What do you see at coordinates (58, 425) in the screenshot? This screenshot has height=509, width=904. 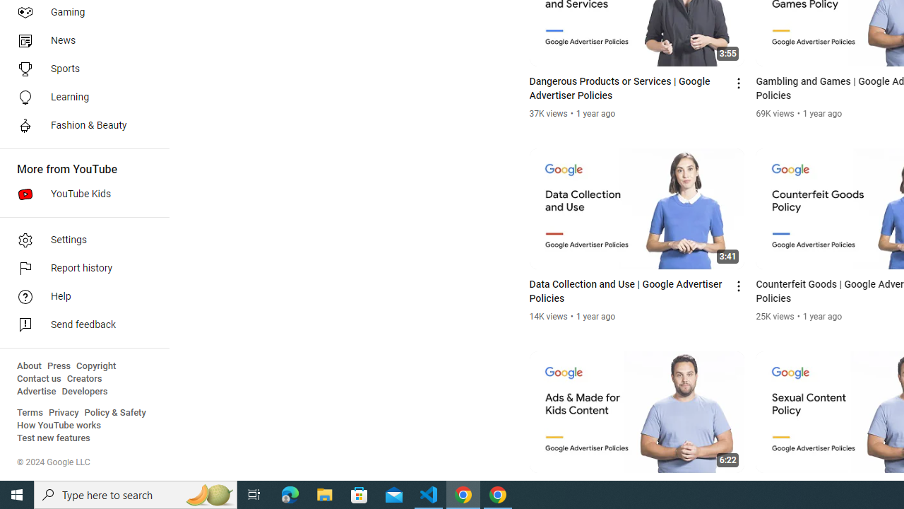 I see `'How YouTube works'` at bounding box center [58, 425].